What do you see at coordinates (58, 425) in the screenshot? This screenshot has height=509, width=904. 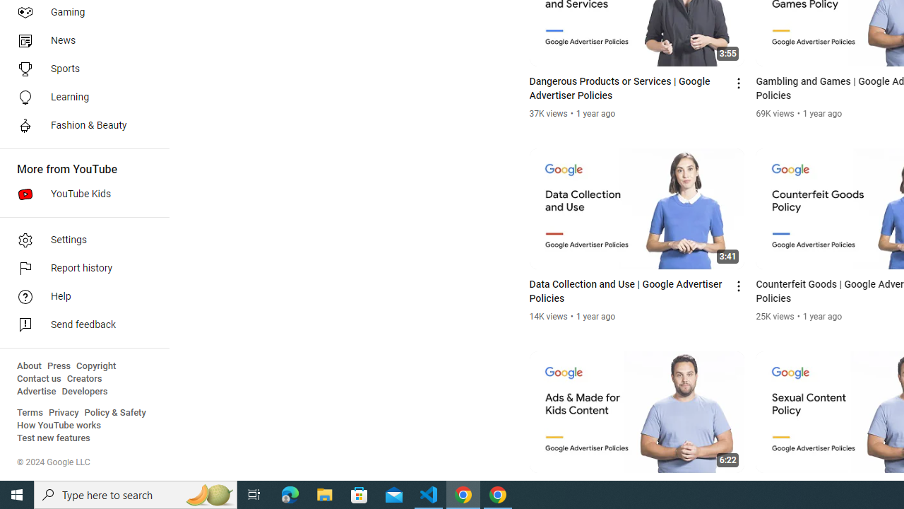 I see `'How YouTube works'` at bounding box center [58, 425].